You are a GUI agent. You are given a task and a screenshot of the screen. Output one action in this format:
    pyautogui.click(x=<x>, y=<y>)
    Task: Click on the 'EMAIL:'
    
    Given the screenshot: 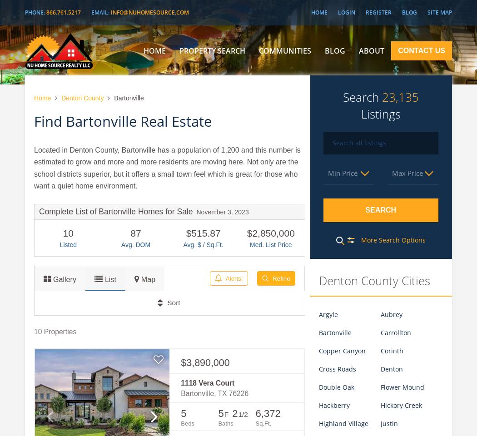 What is the action you would take?
    pyautogui.click(x=100, y=12)
    